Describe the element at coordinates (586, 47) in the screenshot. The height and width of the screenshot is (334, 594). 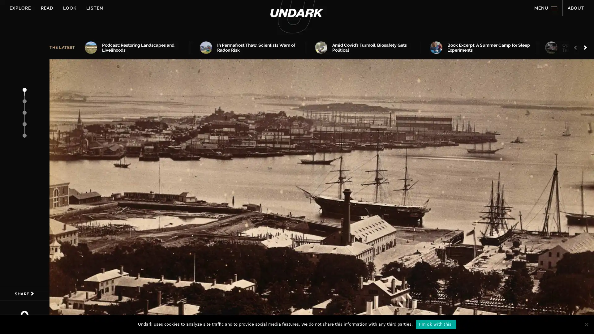
I see `Next` at that location.